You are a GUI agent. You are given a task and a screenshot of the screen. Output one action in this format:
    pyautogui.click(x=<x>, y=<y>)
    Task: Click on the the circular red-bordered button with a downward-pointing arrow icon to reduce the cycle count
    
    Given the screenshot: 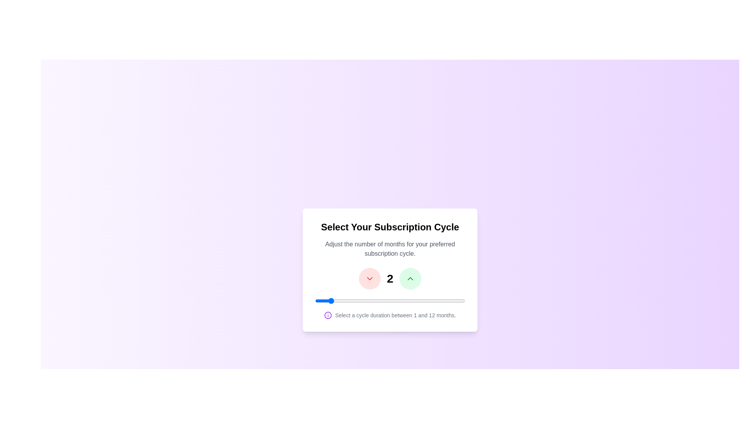 What is the action you would take?
    pyautogui.click(x=369, y=278)
    